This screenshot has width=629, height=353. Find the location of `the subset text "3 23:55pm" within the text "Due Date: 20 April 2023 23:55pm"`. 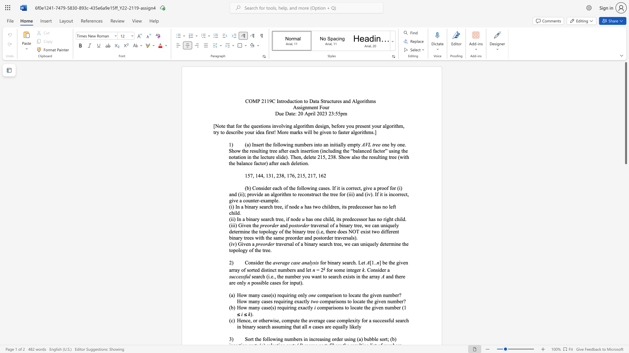

the subset text "3 23:55pm" within the text "Due Date: 20 April 2023 23:55pm" is located at coordinates (325, 113).